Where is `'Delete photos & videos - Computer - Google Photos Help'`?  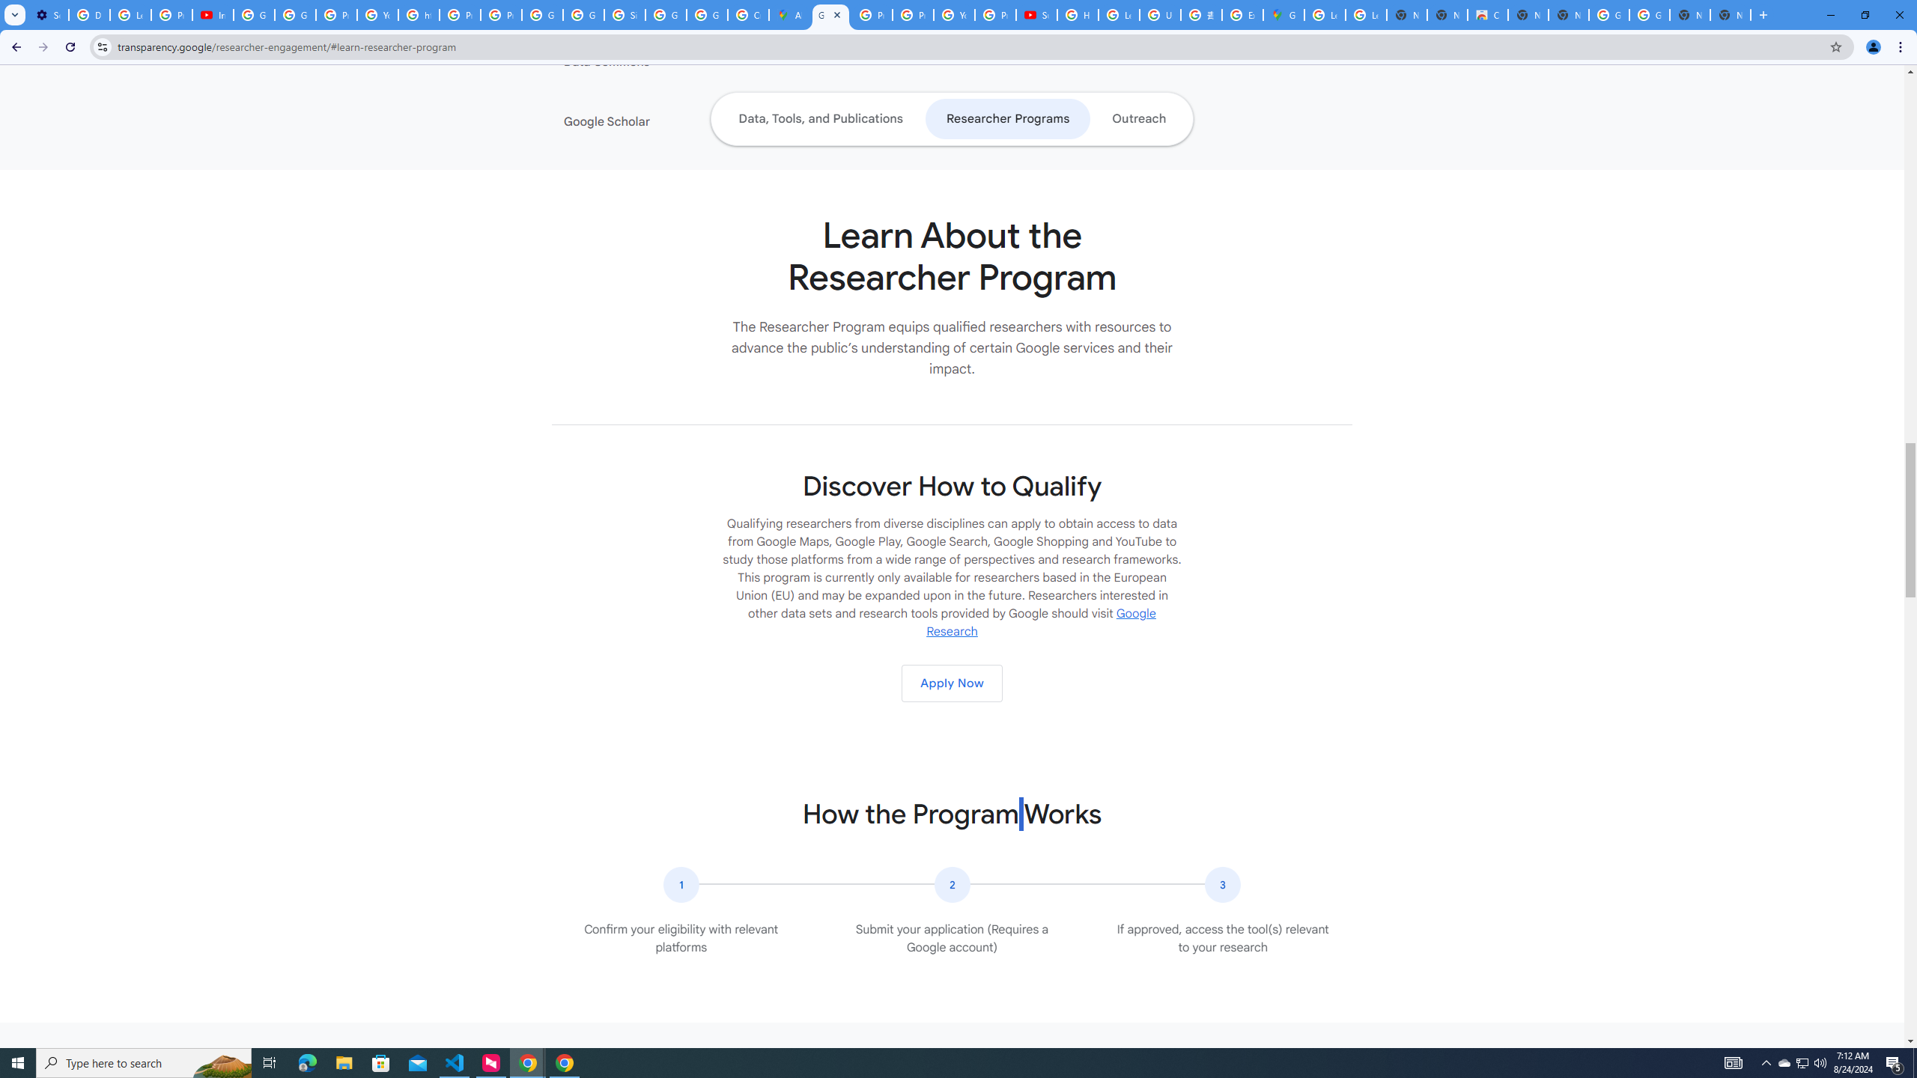 'Delete photos & videos - Computer - Google Photos Help' is located at coordinates (88, 14).